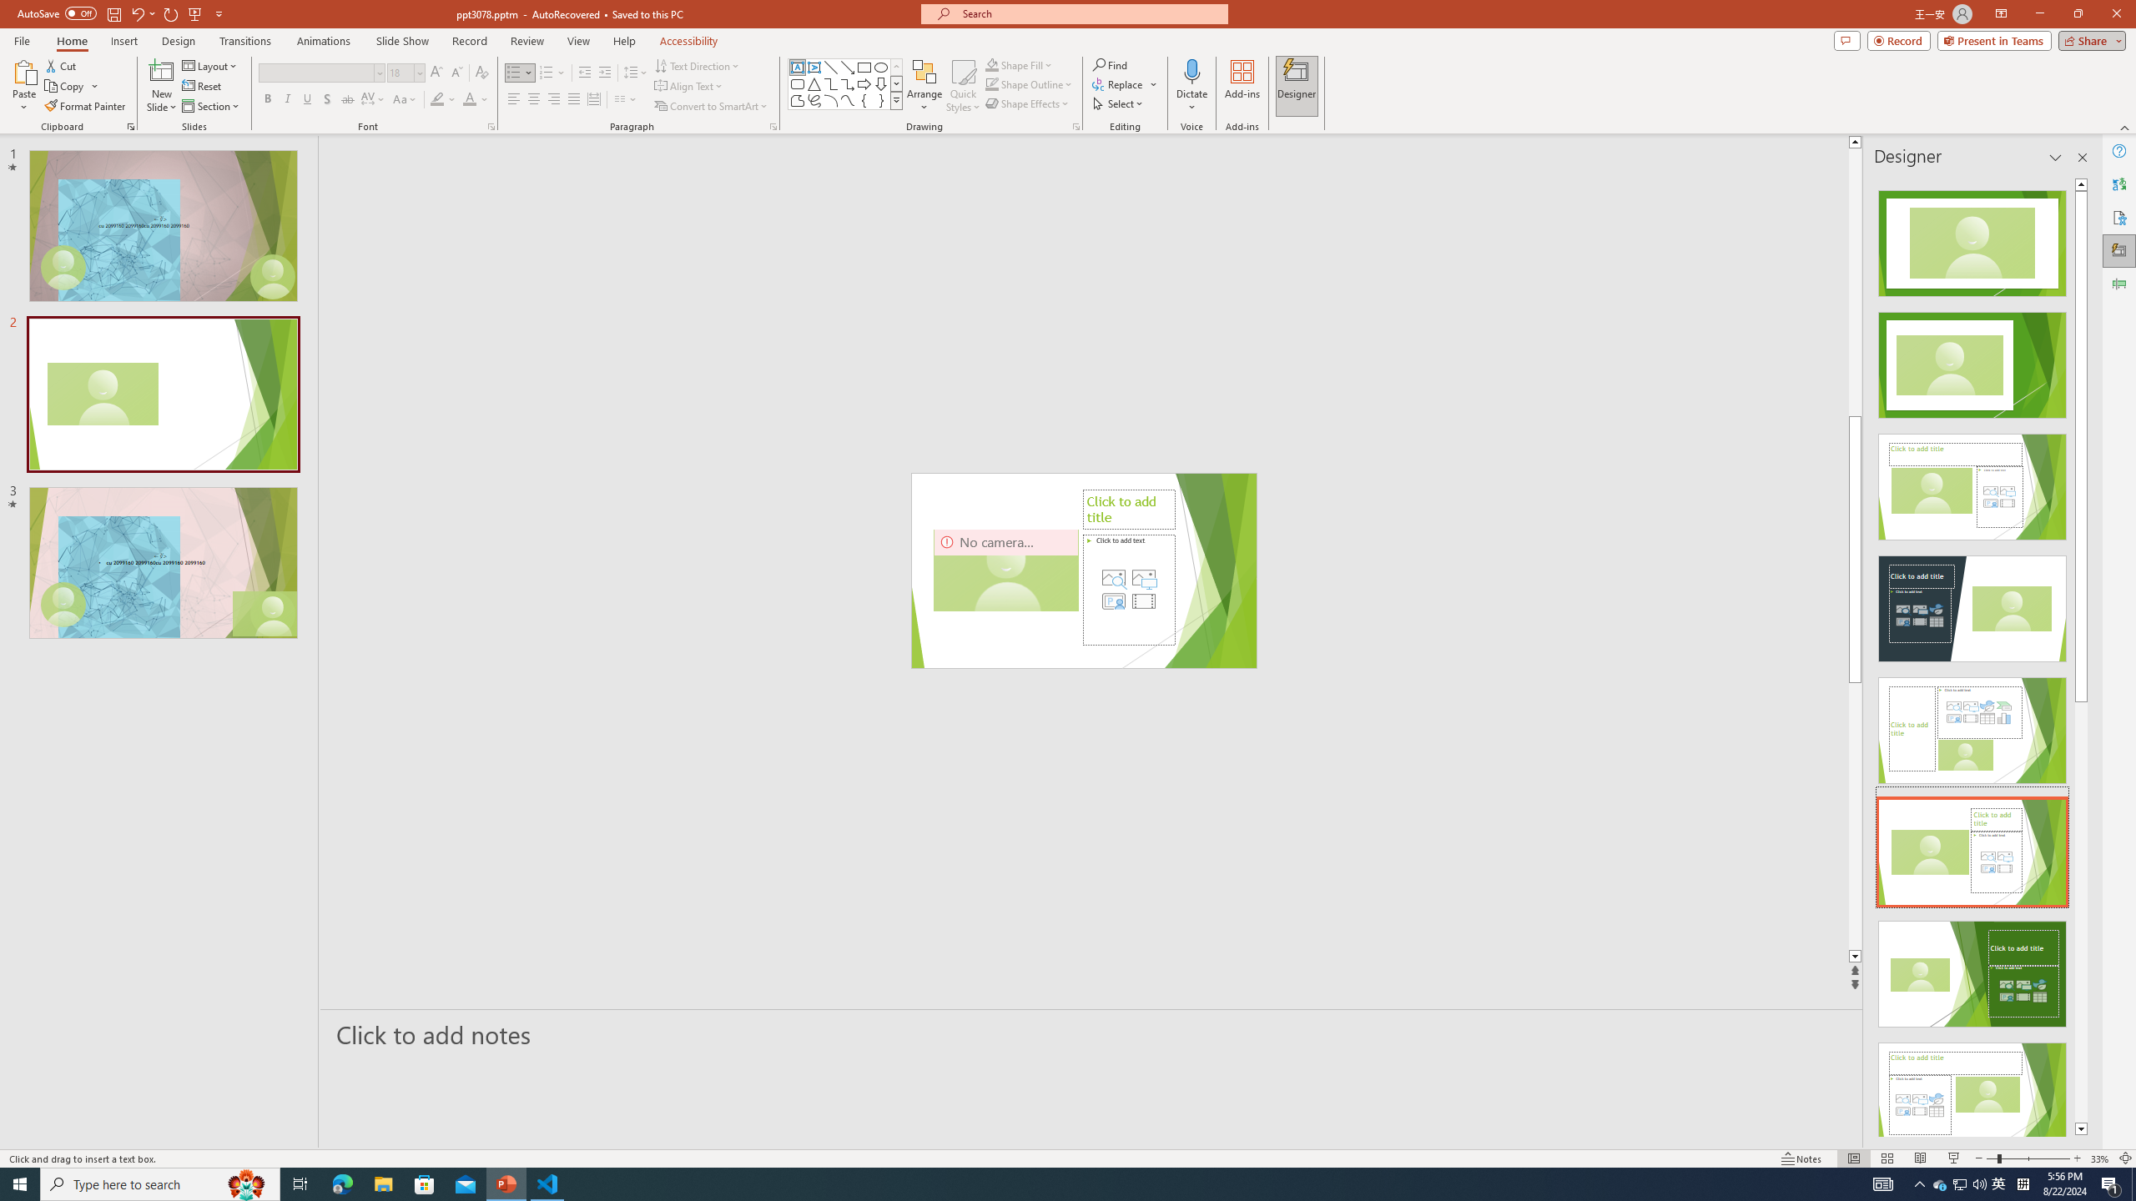 This screenshot has width=2136, height=1201. I want to click on 'Recommended Design: Design Idea', so click(1972, 237).